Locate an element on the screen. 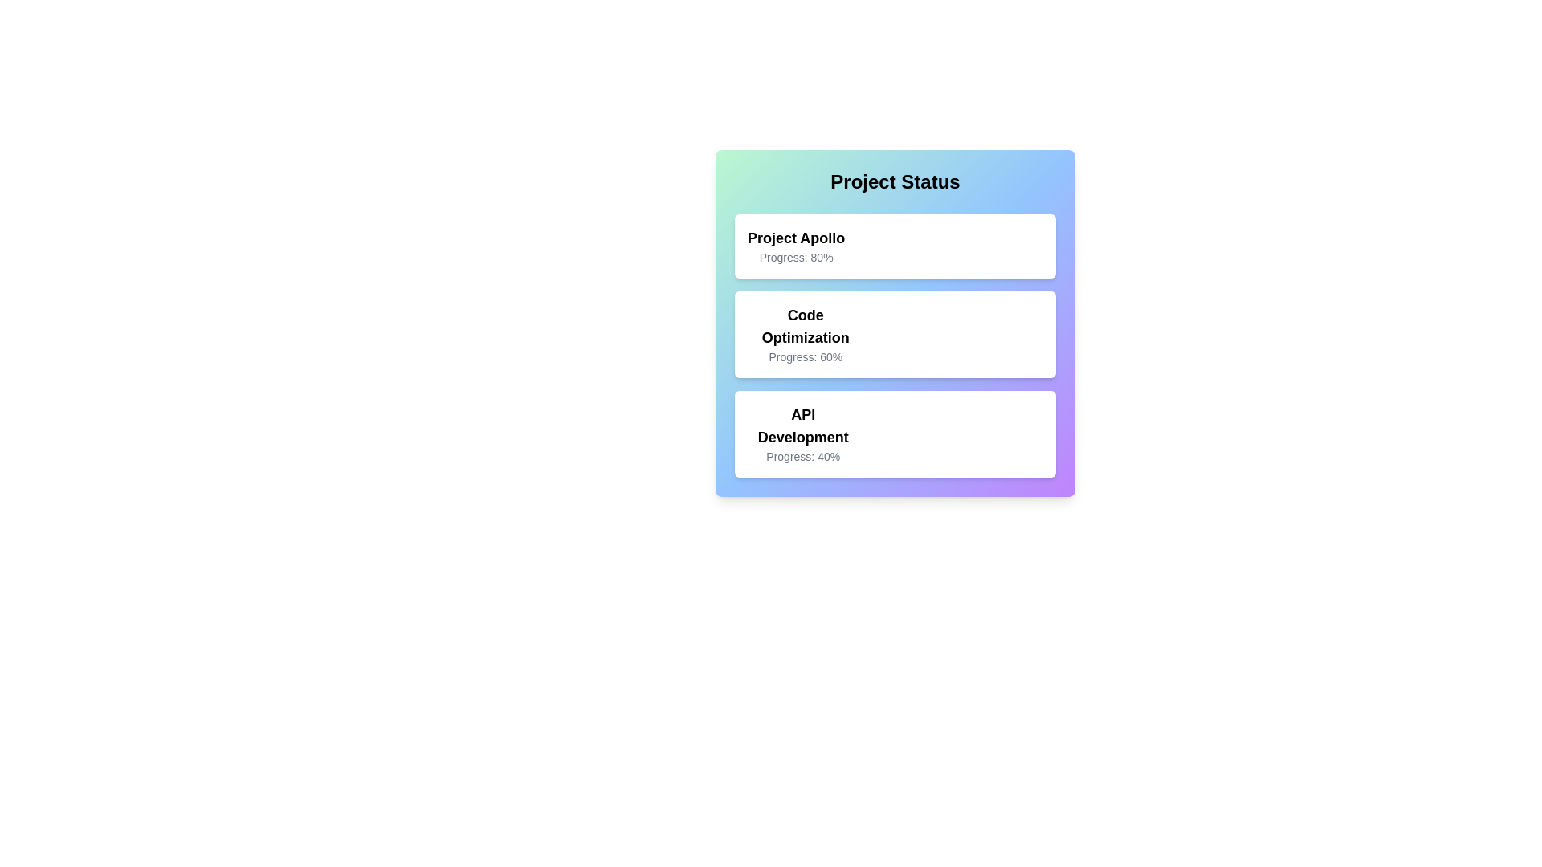  the progress bar for API Development is located at coordinates (903, 433).